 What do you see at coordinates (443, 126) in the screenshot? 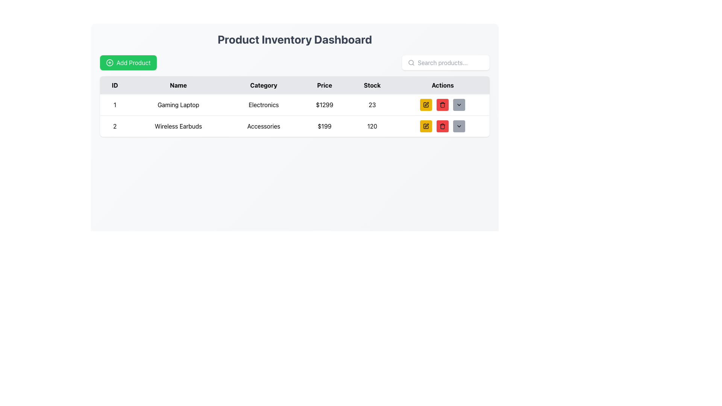
I see `the red delete button in the 'Actions' column of the 'Wireless Earbuds' product row` at bounding box center [443, 126].